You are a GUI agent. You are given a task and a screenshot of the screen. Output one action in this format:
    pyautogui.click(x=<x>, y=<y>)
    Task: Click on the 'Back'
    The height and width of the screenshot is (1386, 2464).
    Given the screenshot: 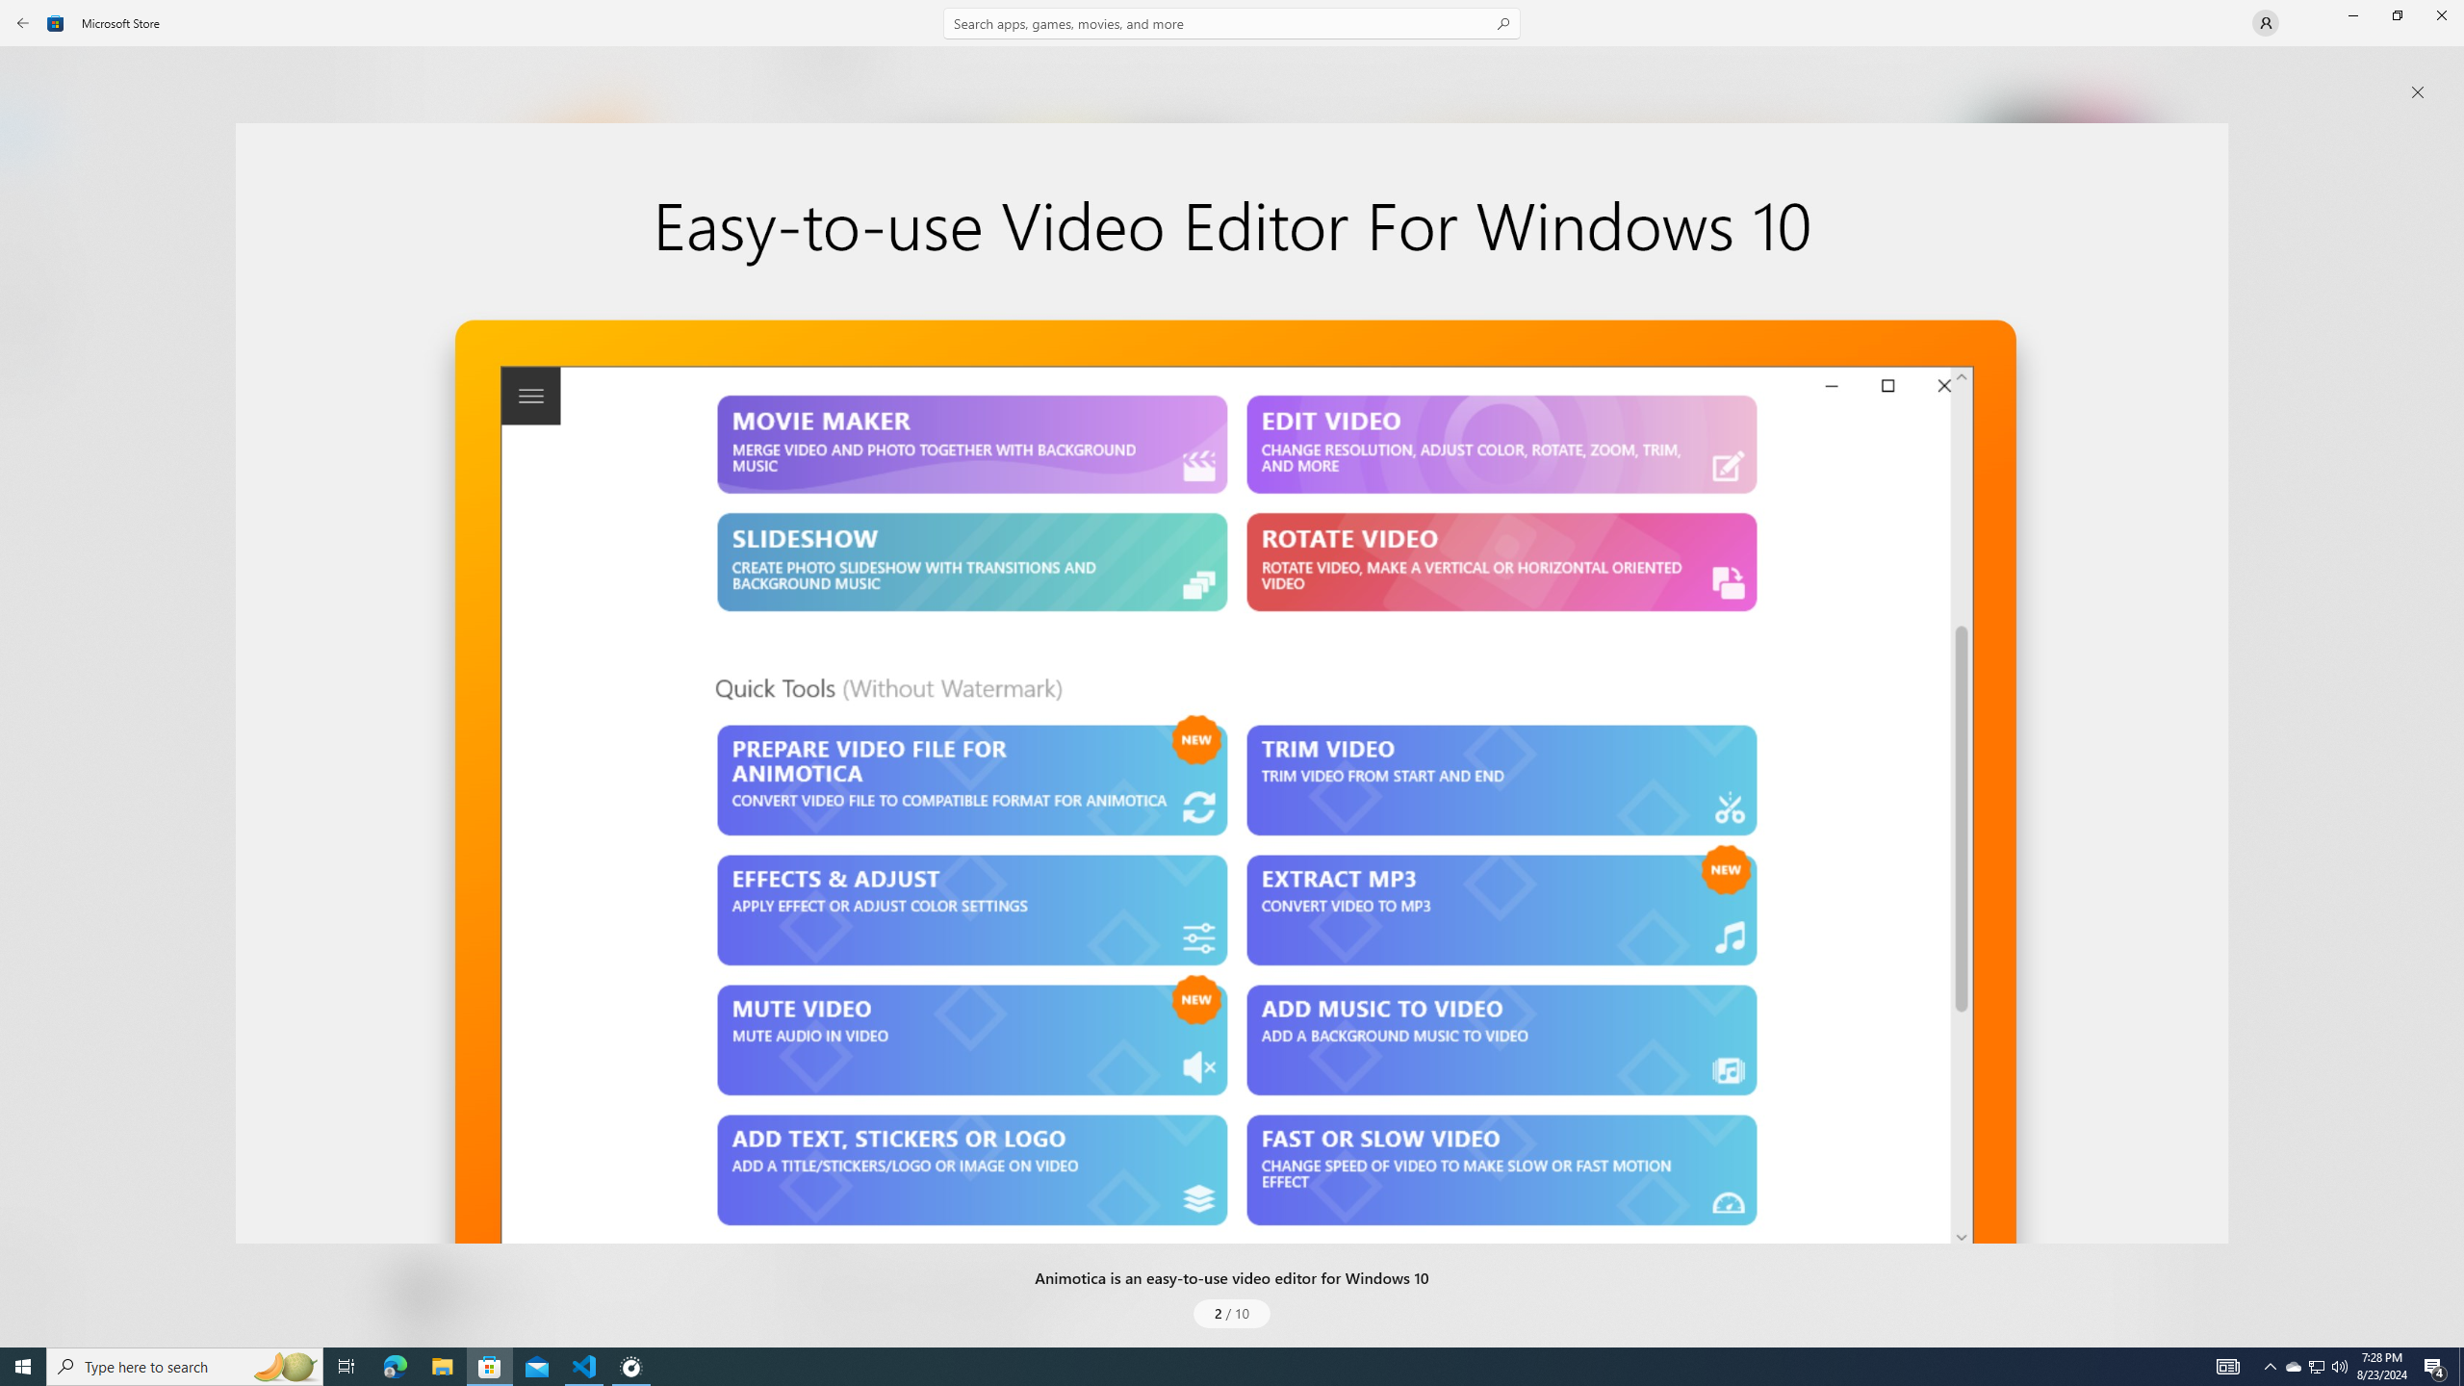 What is the action you would take?
    pyautogui.click(x=23, y=21)
    